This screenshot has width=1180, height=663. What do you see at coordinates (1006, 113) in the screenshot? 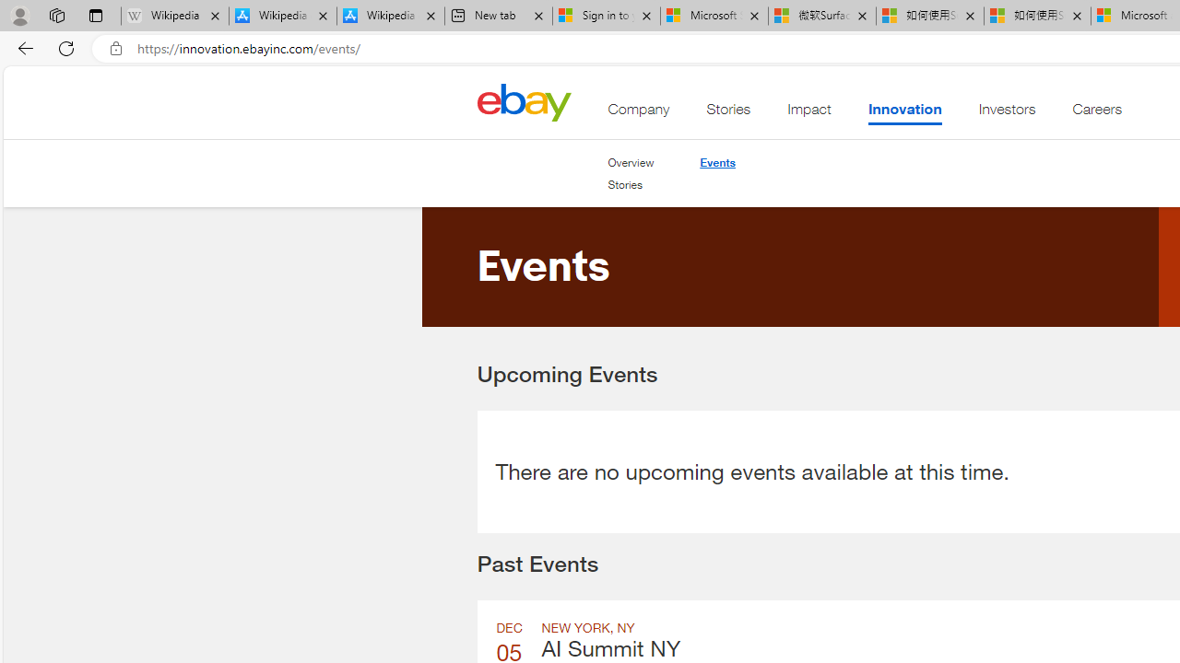
I see `'Investors'` at bounding box center [1006, 113].